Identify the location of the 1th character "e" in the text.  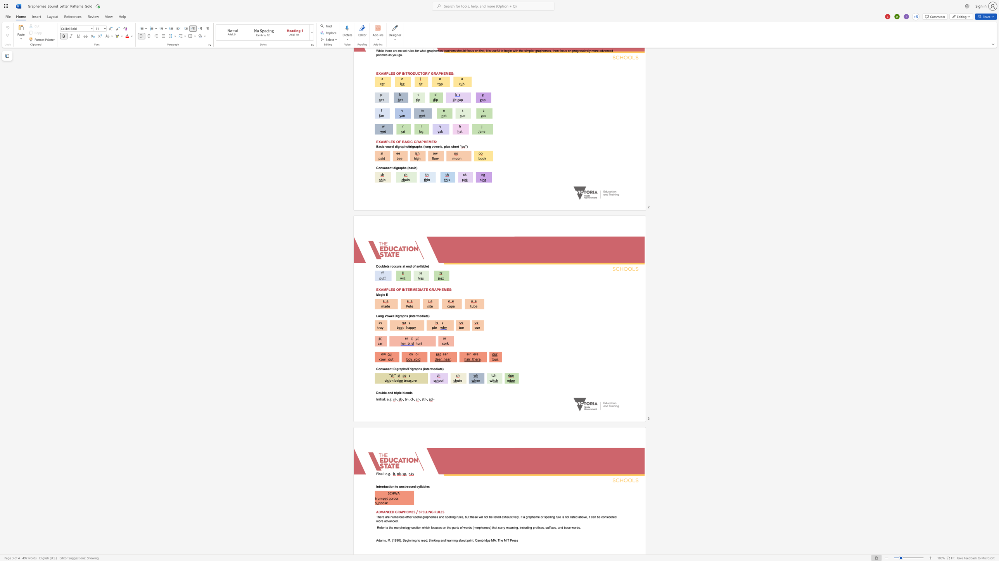
(380, 527).